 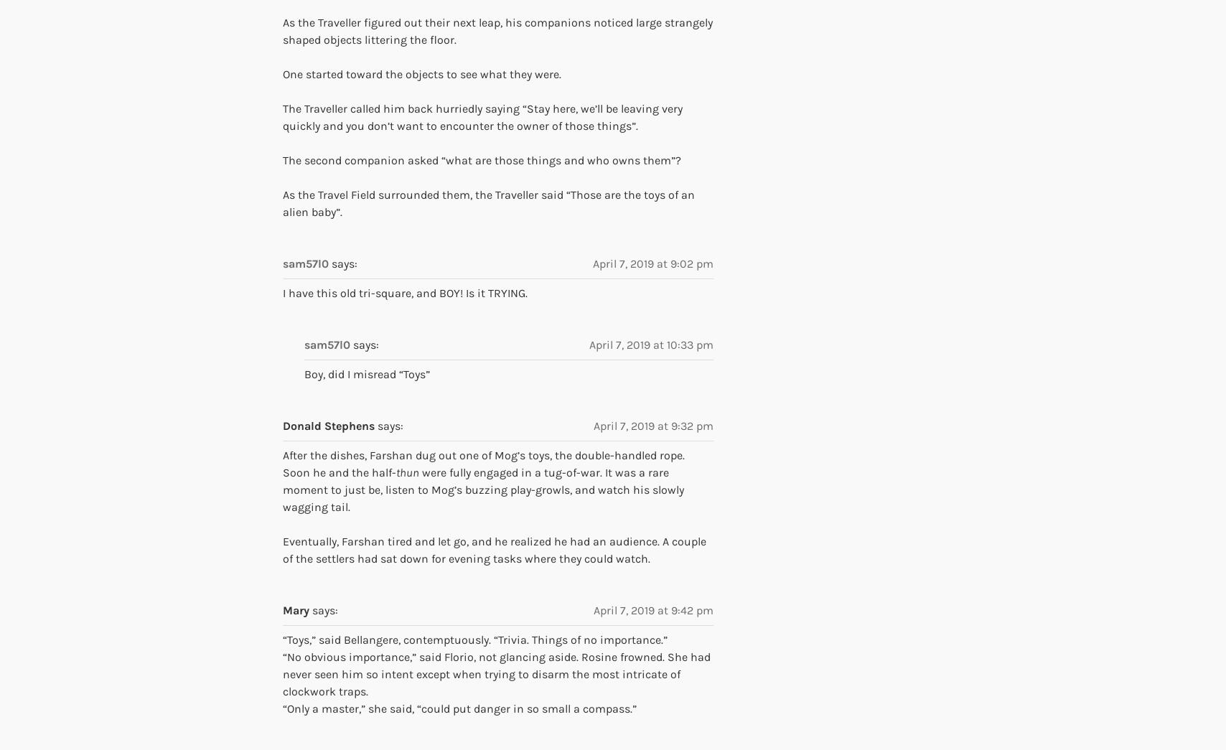 What do you see at coordinates (488, 202) in the screenshot?
I see `'As the Travel Field surrounded them, the Traveller said “Those are the toys of an alien baby”.'` at bounding box center [488, 202].